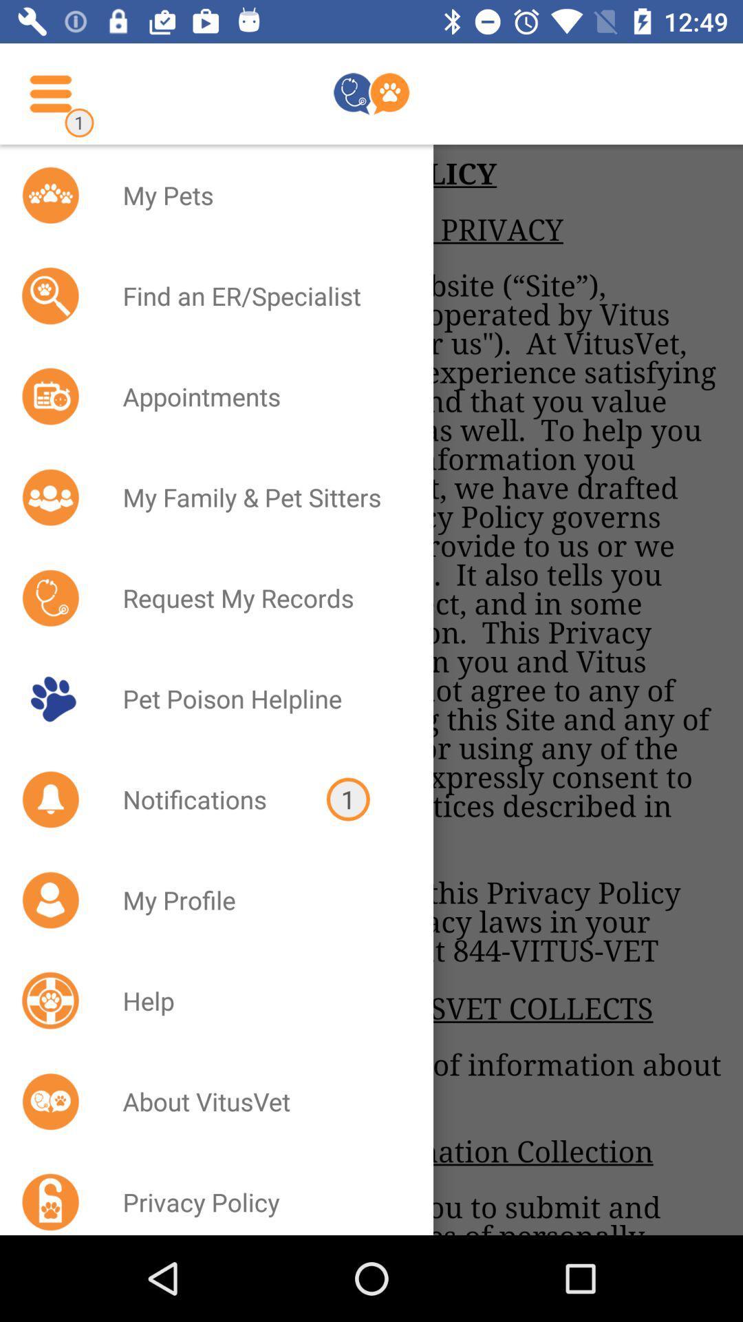  Describe the element at coordinates (50, 295) in the screenshot. I see `the icon beside find an erspecialist` at that location.